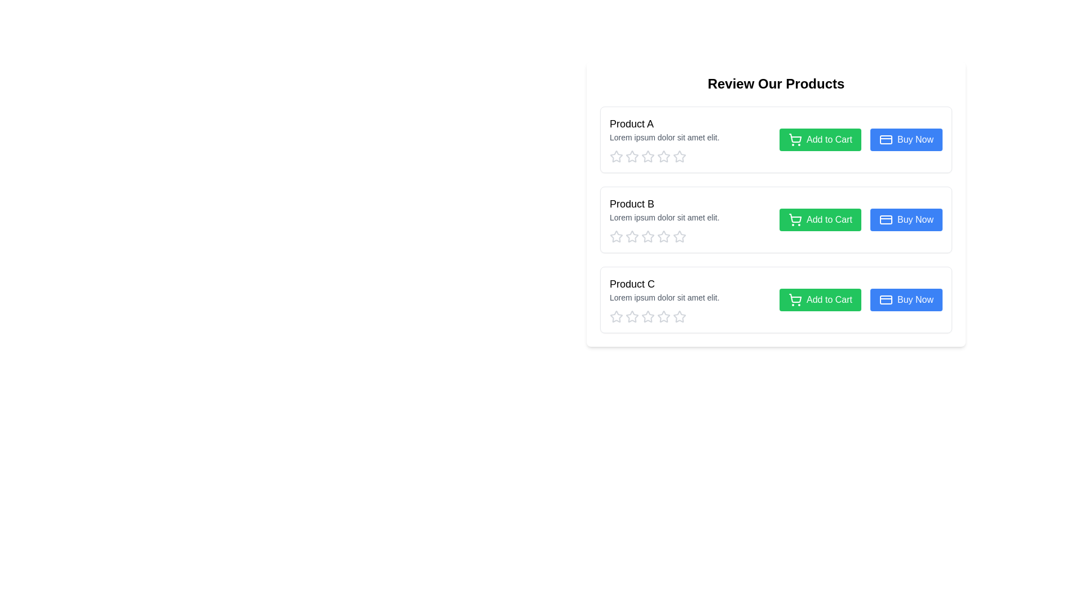  What do you see at coordinates (663, 316) in the screenshot?
I see `the third star in the rating system for 'Product C' to assign a rating` at bounding box center [663, 316].